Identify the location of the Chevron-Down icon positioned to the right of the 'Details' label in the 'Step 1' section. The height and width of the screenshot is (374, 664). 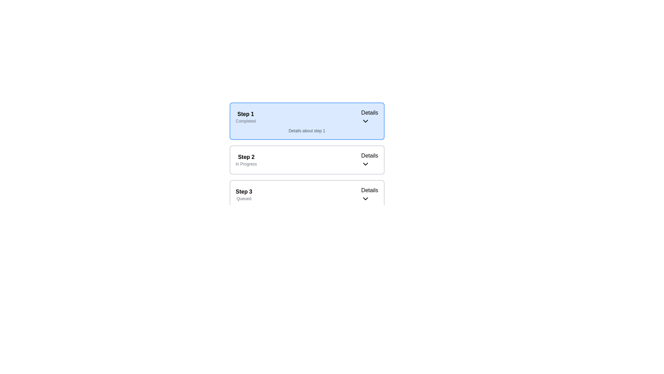
(365, 121).